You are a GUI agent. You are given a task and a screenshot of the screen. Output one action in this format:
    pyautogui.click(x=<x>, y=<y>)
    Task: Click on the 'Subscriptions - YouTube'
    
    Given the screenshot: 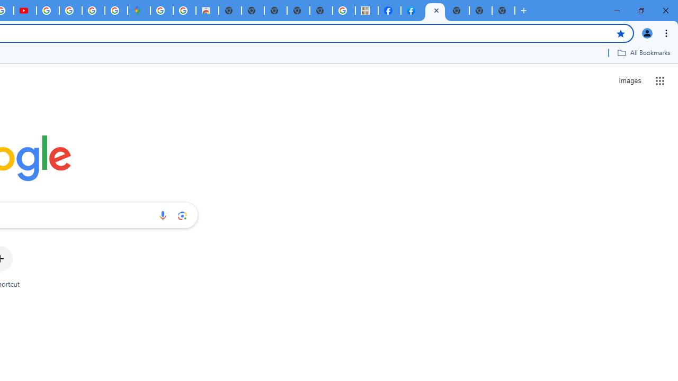 What is the action you would take?
    pyautogui.click(x=25, y=11)
    